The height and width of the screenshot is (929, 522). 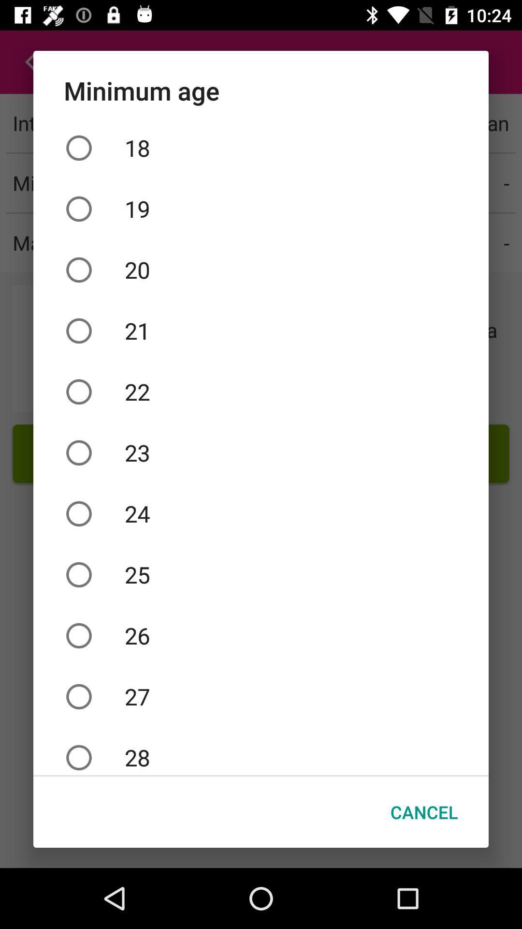 What do you see at coordinates (423, 812) in the screenshot?
I see `cancel button` at bounding box center [423, 812].